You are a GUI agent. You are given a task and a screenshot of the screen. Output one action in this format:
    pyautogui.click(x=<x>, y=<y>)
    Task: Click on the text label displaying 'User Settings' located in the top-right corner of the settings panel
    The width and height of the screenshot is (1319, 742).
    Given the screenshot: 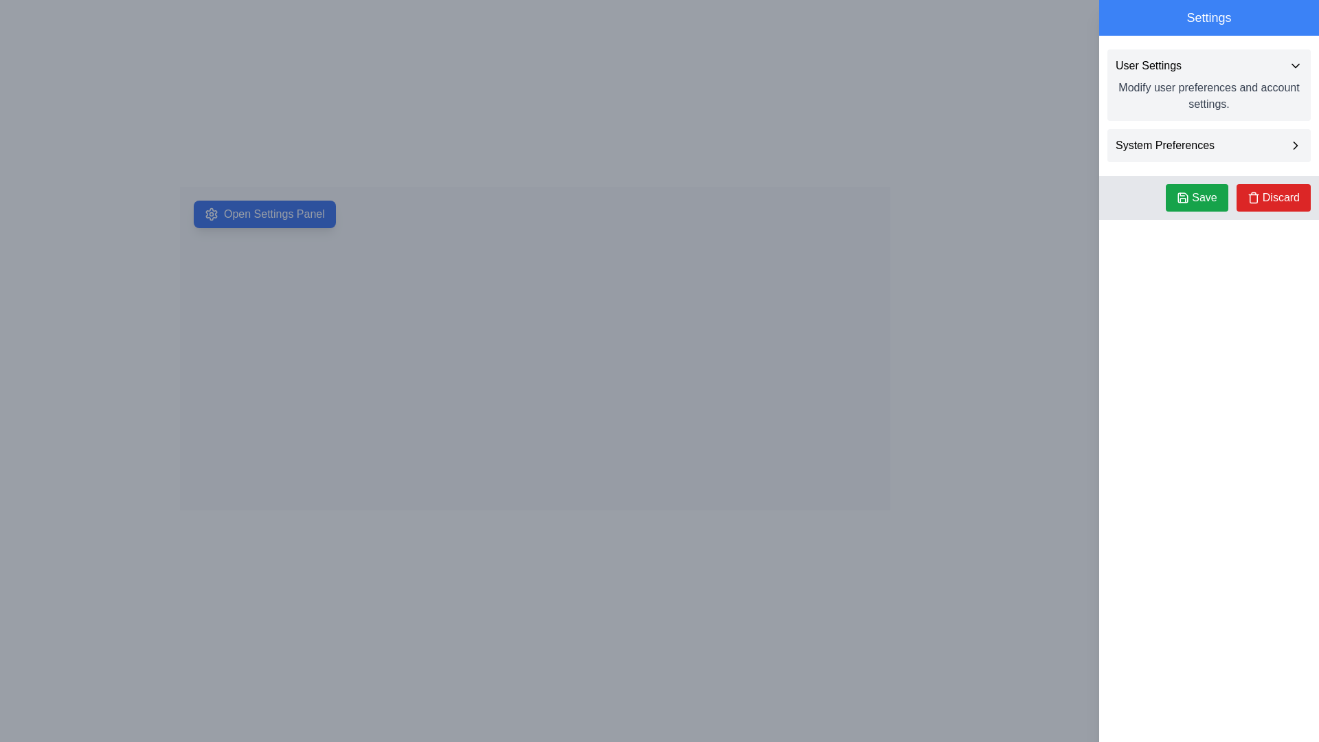 What is the action you would take?
    pyautogui.click(x=1148, y=66)
    